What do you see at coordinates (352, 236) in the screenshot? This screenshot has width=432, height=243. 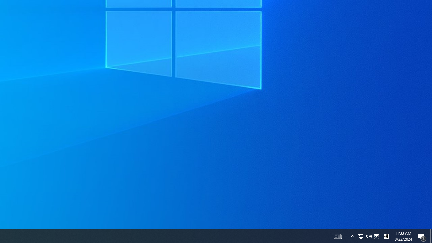 I see `'Q2790: 100%'` at bounding box center [352, 236].